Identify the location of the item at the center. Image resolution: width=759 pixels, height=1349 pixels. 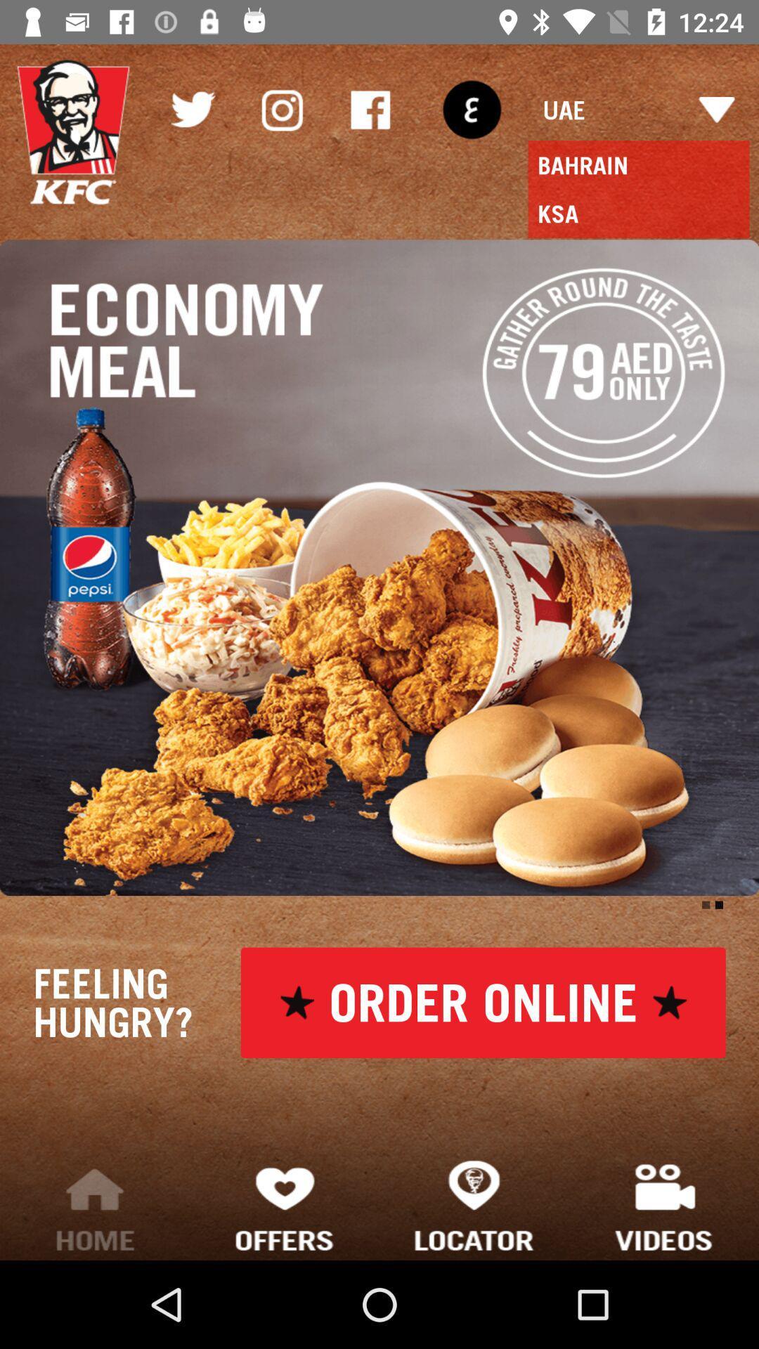
(379, 568).